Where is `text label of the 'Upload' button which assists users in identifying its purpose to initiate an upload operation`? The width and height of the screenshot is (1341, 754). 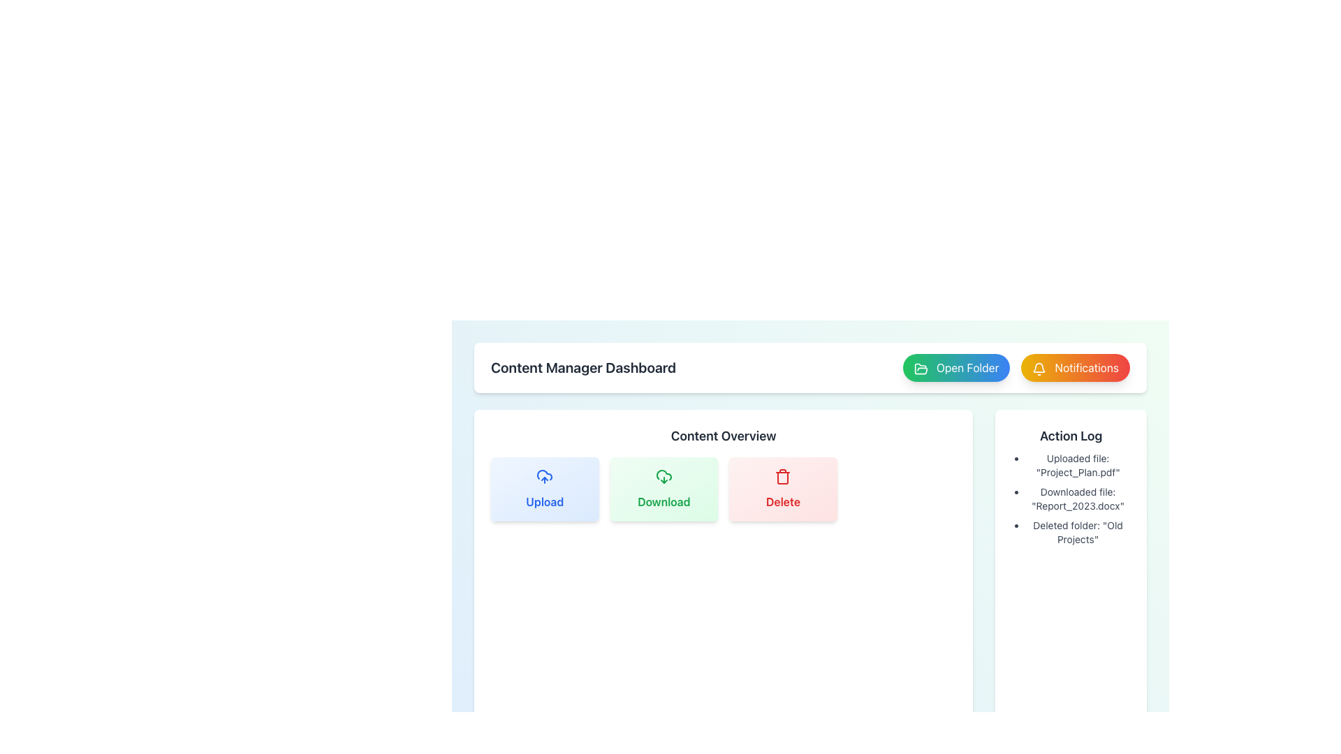 text label of the 'Upload' button which assists users in identifying its purpose to initiate an upload operation is located at coordinates (544, 501).